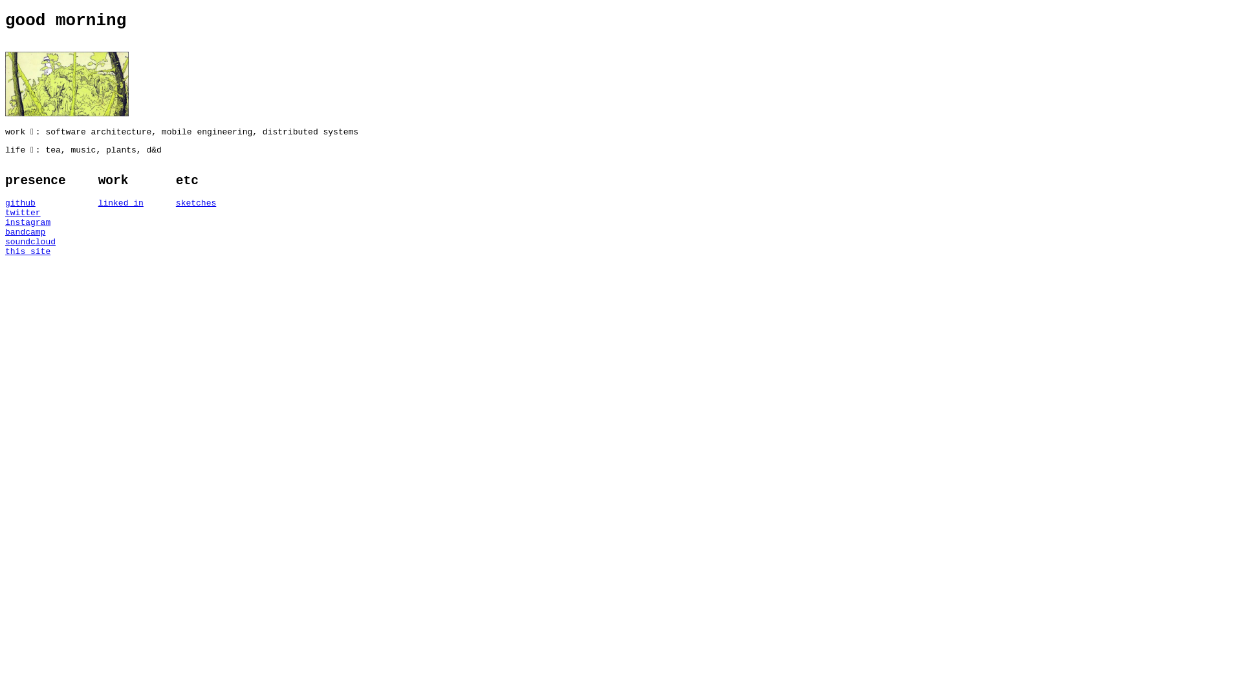  I want to click on 'twitter', so click(35, 212).